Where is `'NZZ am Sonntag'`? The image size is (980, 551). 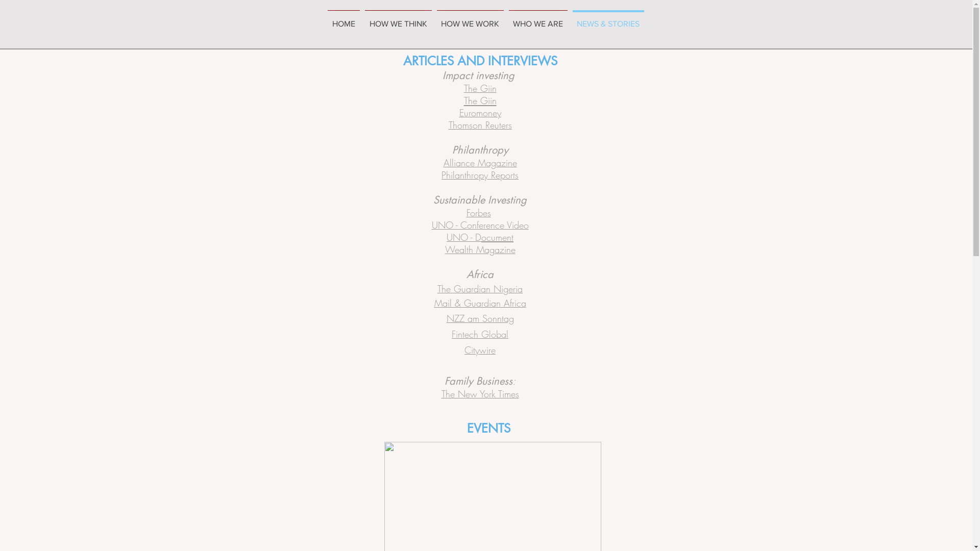
'NZZ am Sonntag' is located at coordinates (446, 318).